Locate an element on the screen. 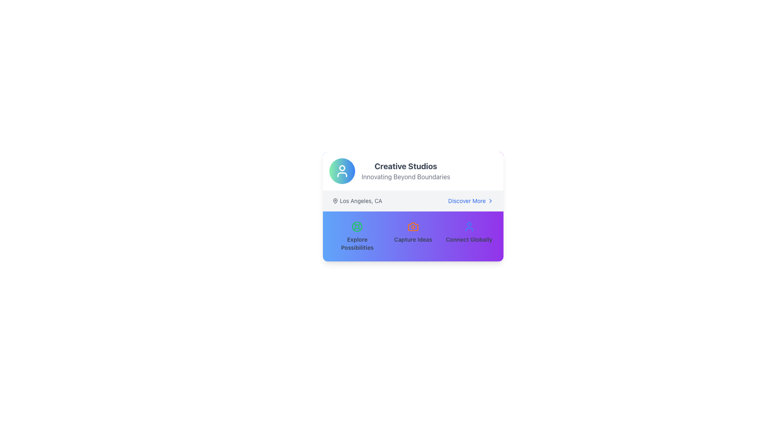  the text link styled in blue labeled 'Discover More' with a rightward arrow icon is located at coordinates (471, 200).